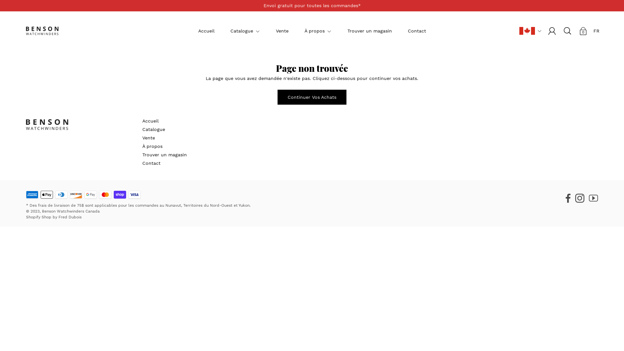 This screenshot has height=351, width=624. What do you see at coordinates (151, 162) in the screenshot?
I see `'Contact'` at bounding box center [151, 162].